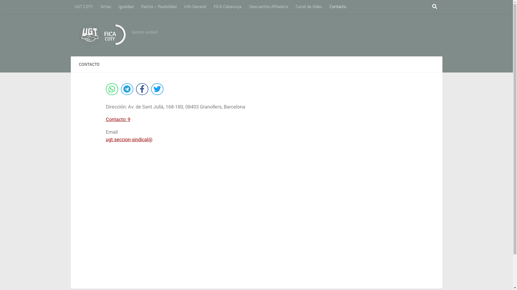 This screenshot has height=290, width=517. Describe the element at coordinates (83, 6) in the screenshot. I see `'UGT COTY'` at that location.